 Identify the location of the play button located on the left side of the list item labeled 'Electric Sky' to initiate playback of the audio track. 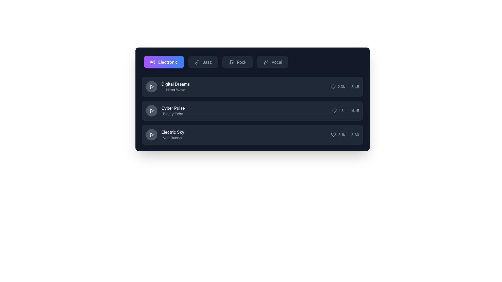
(151, 134).